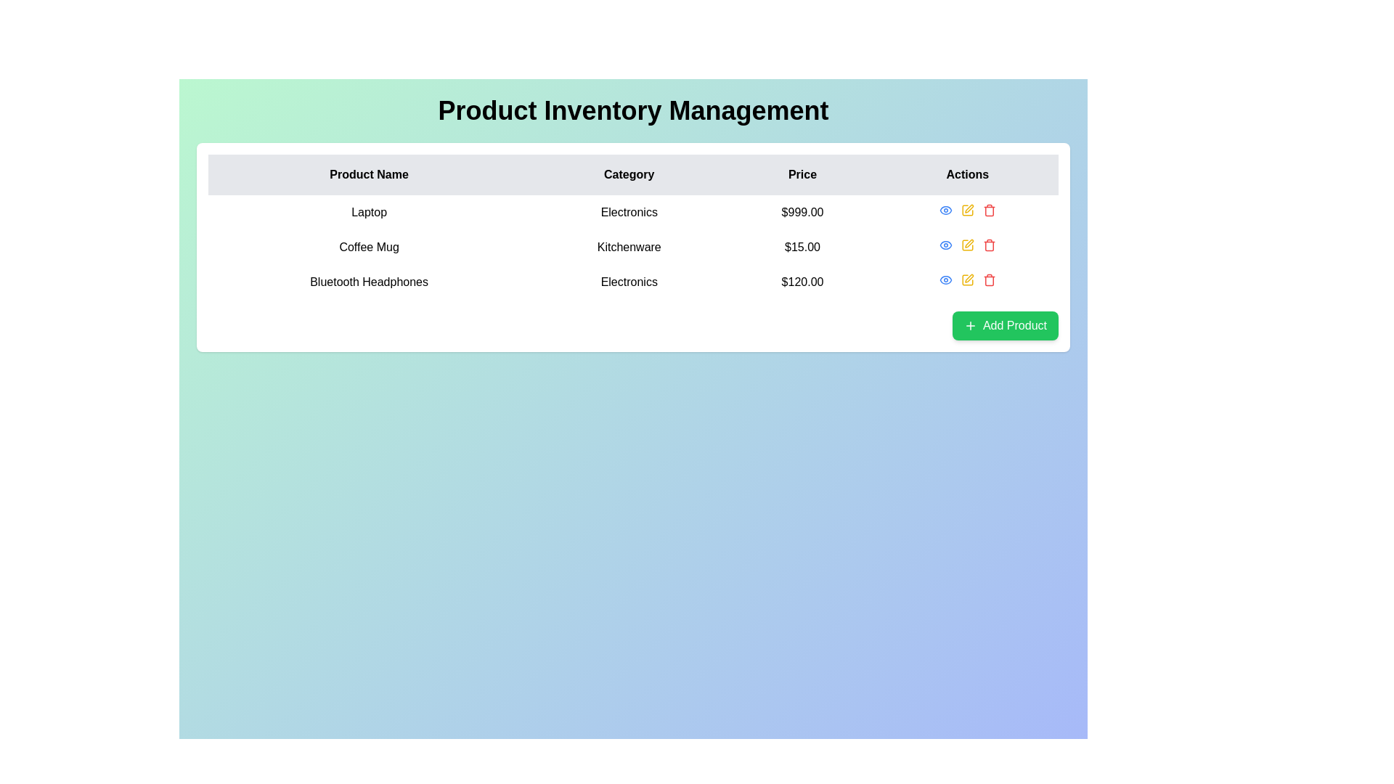 Image resolution: width=1394 pixels, height=784 pixels. I want to click on the edit button for the product 'Laptop' located in the 'Actions' column of the first row in the table, so click(967, 210).